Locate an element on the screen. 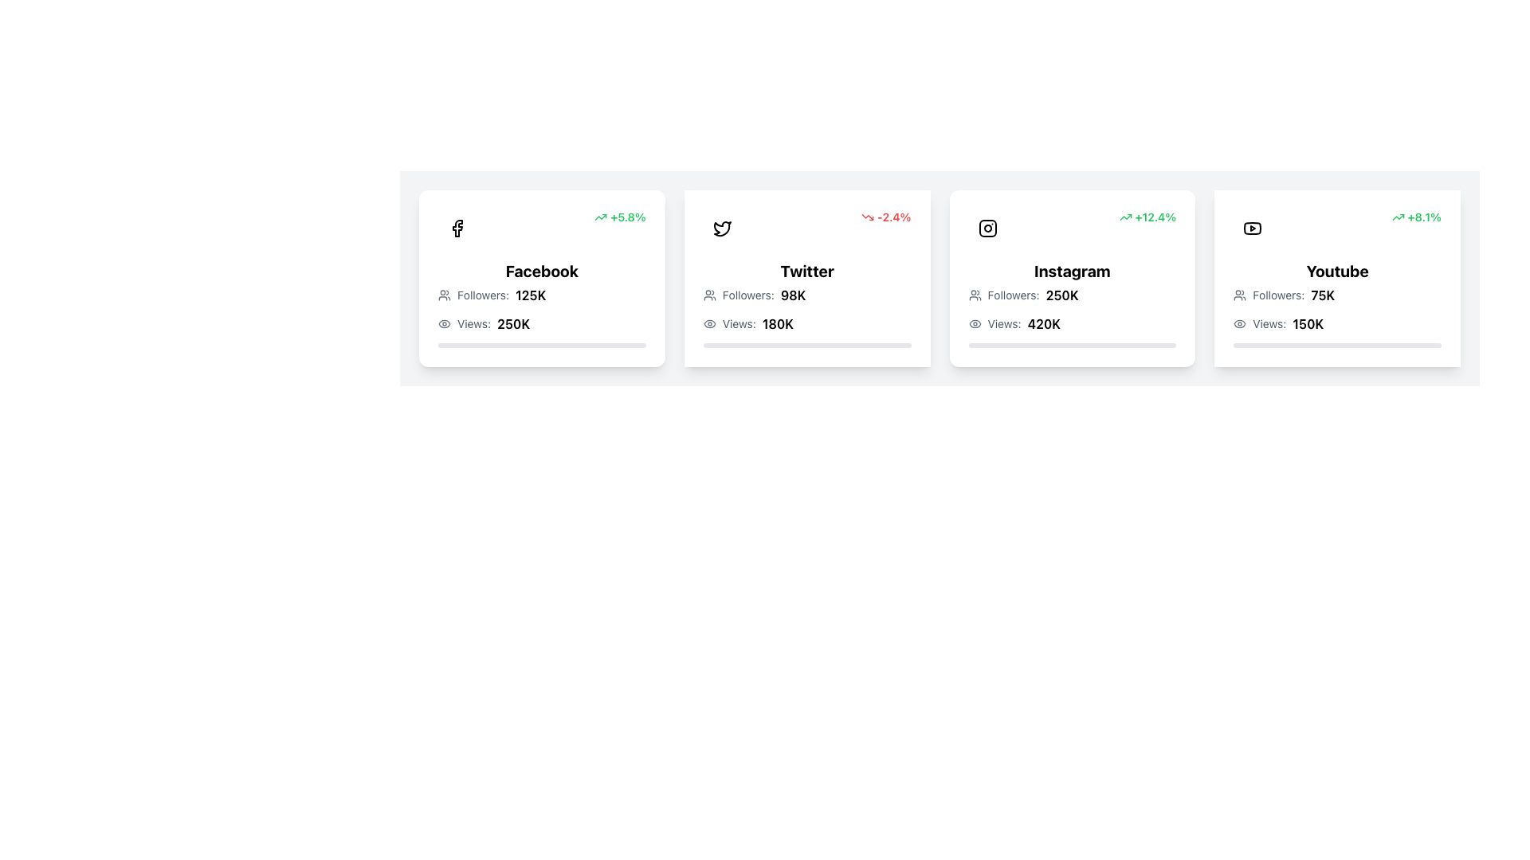  the Information display panel that shows 'Followers: 125K' and 'Views: 250K' within the 'Facebook' card is located at coordinates (542, 316).